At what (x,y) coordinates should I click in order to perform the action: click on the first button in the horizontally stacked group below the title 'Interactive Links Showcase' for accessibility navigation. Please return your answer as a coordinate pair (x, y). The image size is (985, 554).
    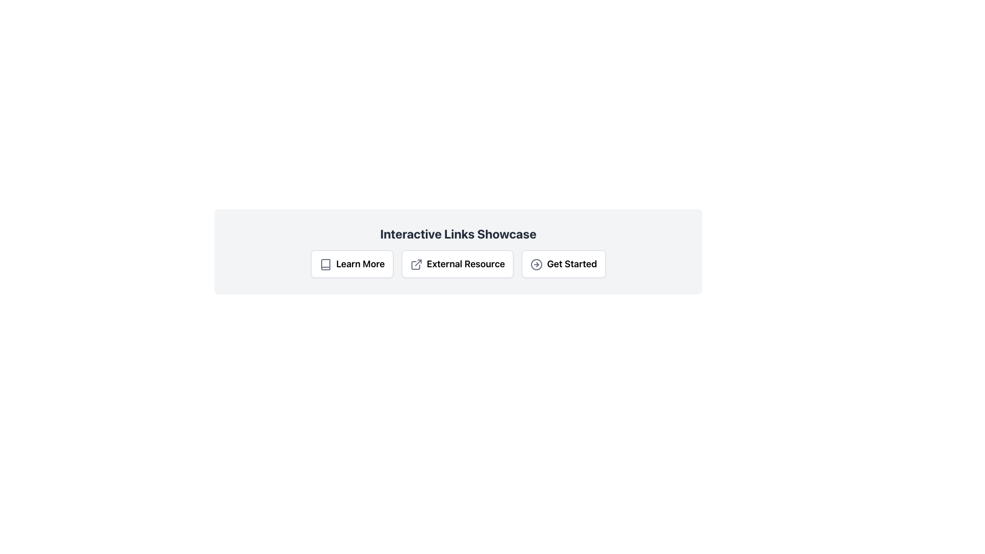
    Looking at the image, I should click on (352, 264).